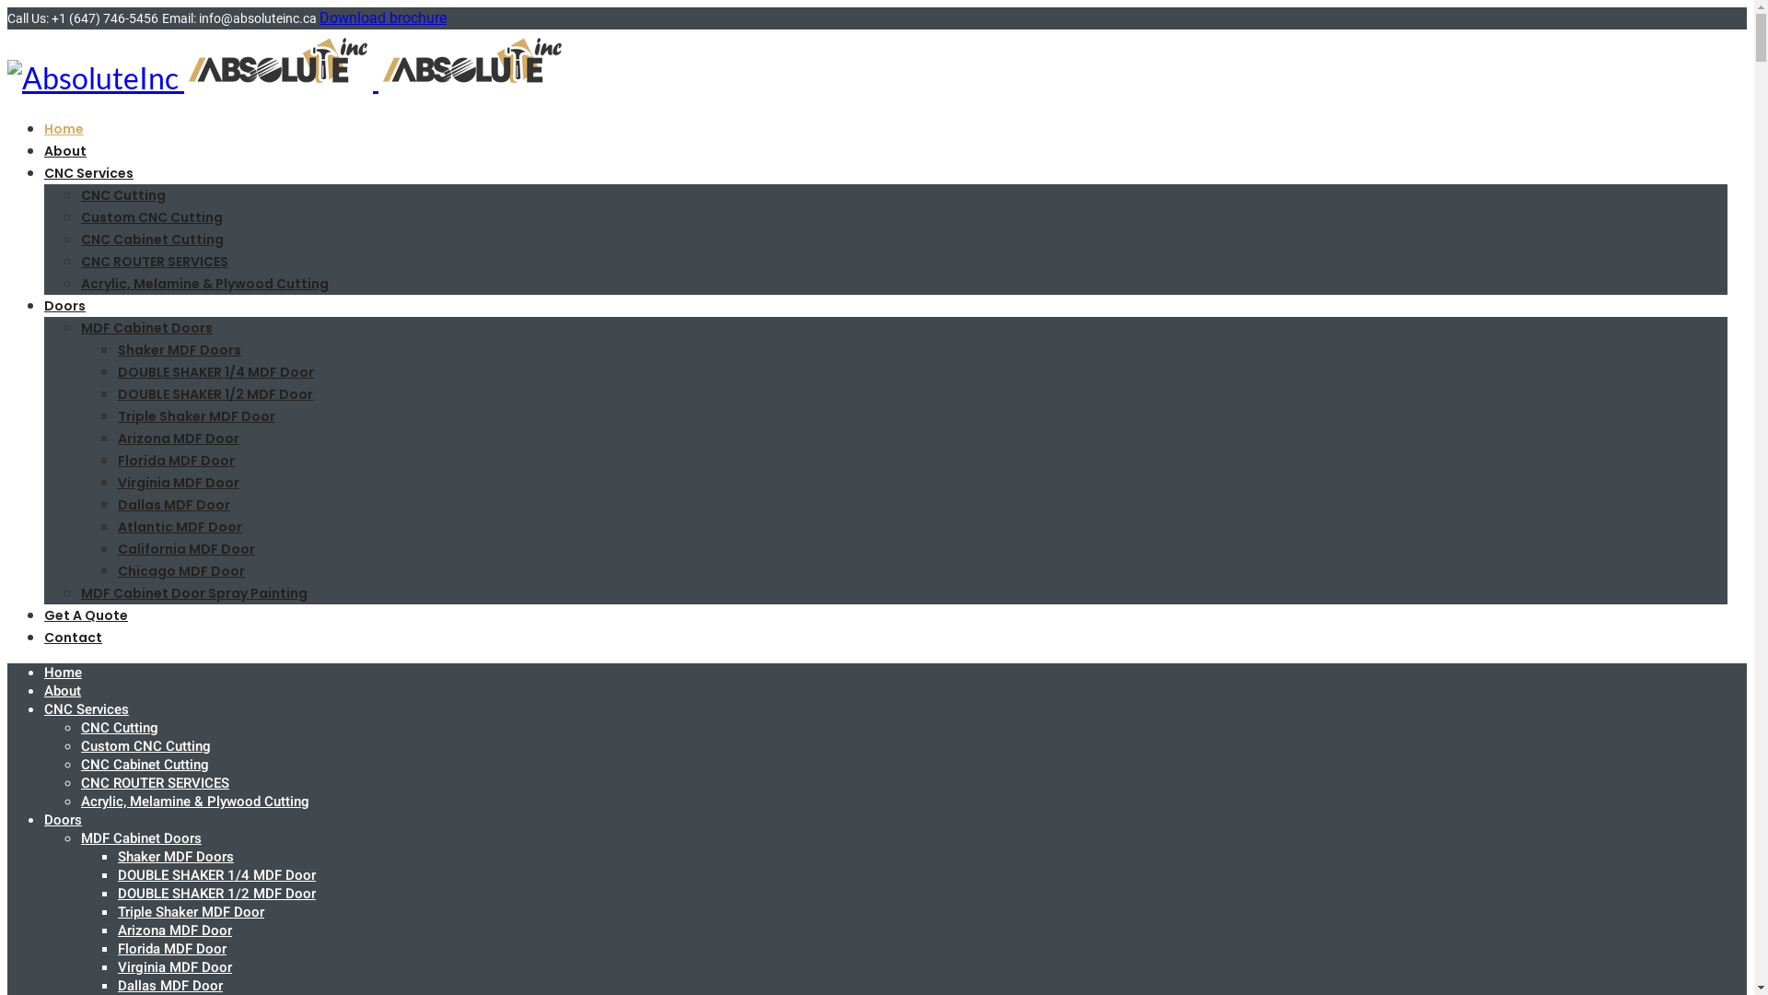 Image resolution: width=1768 pixels, height=995 pixels. I want to click on 'CNC ROUTER SERVICES', so click(155, 262).